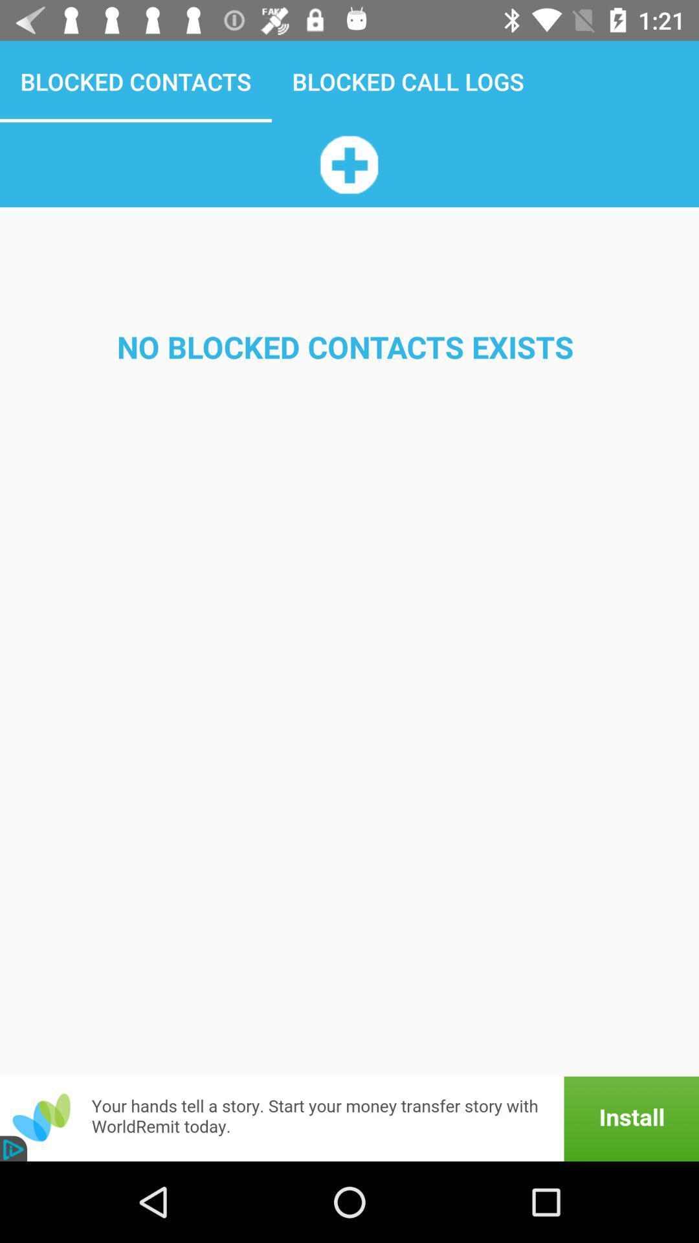 This screenshot has height=1243, width=699. I want to click on the add icon, so click(348, 164).